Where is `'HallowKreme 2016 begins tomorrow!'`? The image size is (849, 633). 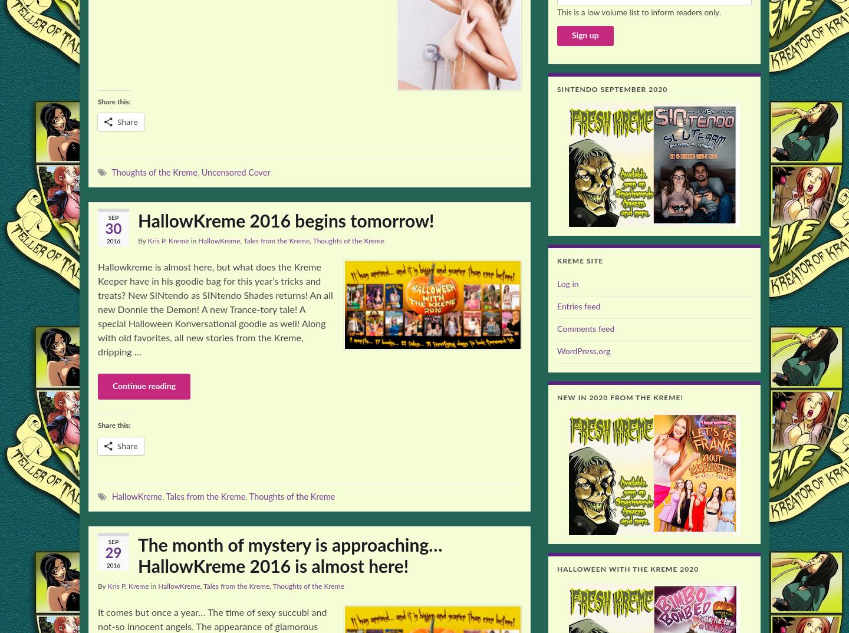
'HallowKreme 2016 begins tomorrow!' is located at coordinates (285, 221).